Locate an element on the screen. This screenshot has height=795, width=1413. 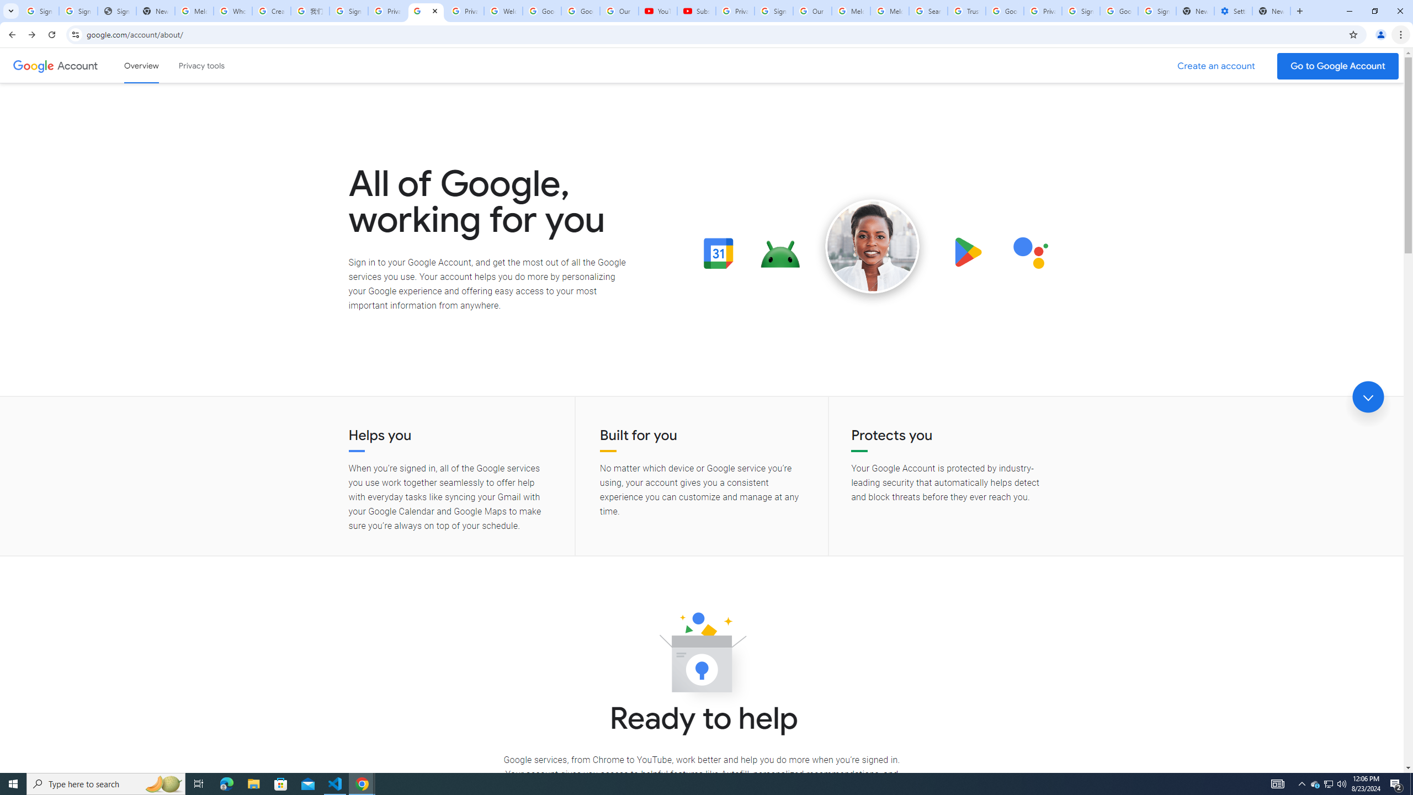
'Go to your Google Account' is located at coordinates (1338, 66).